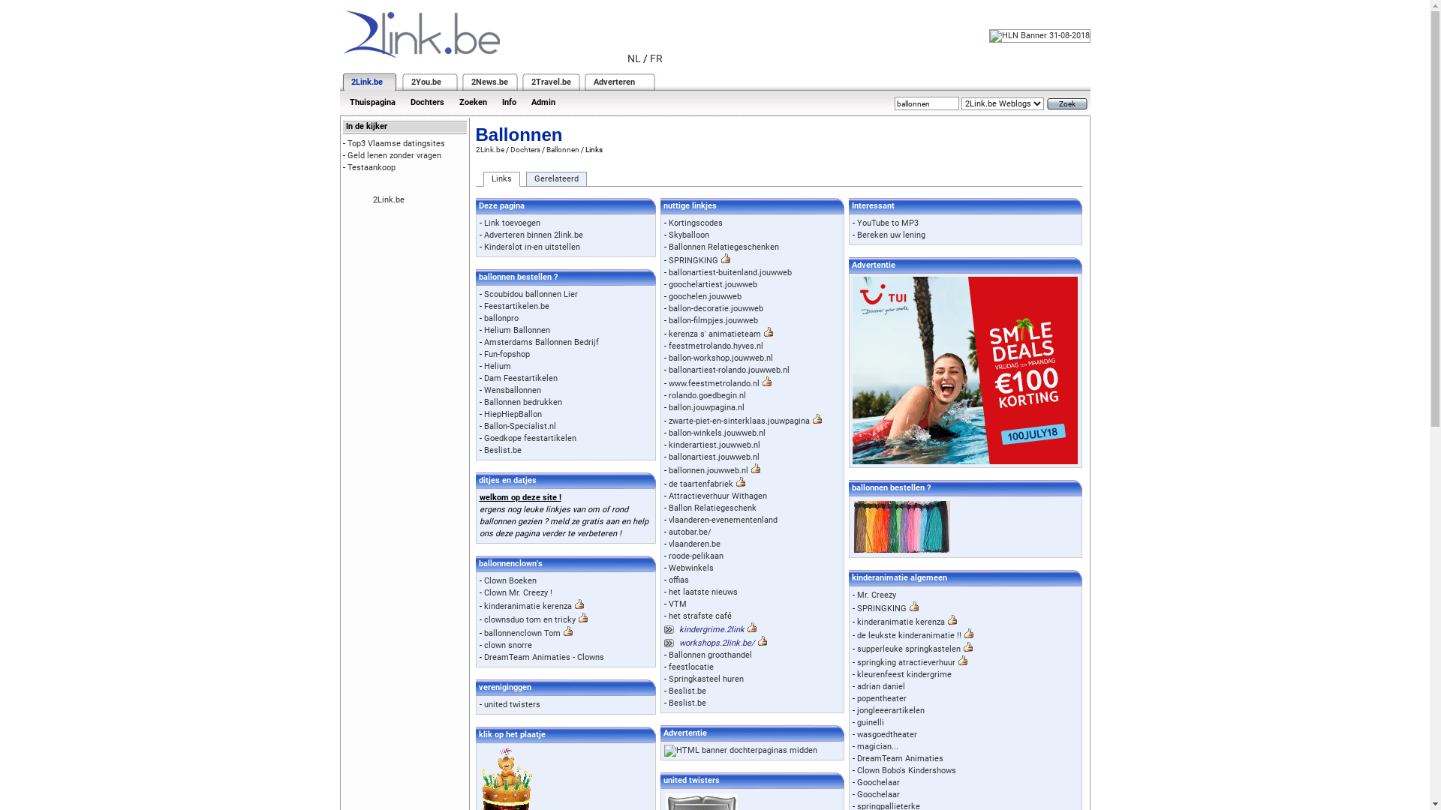 This screenshot has height=810, width=1441. What do you see at coordinates (522, 633) in the screenshot?
I see `'ballonnenclown Tom'` at bounding box center [522, 633].